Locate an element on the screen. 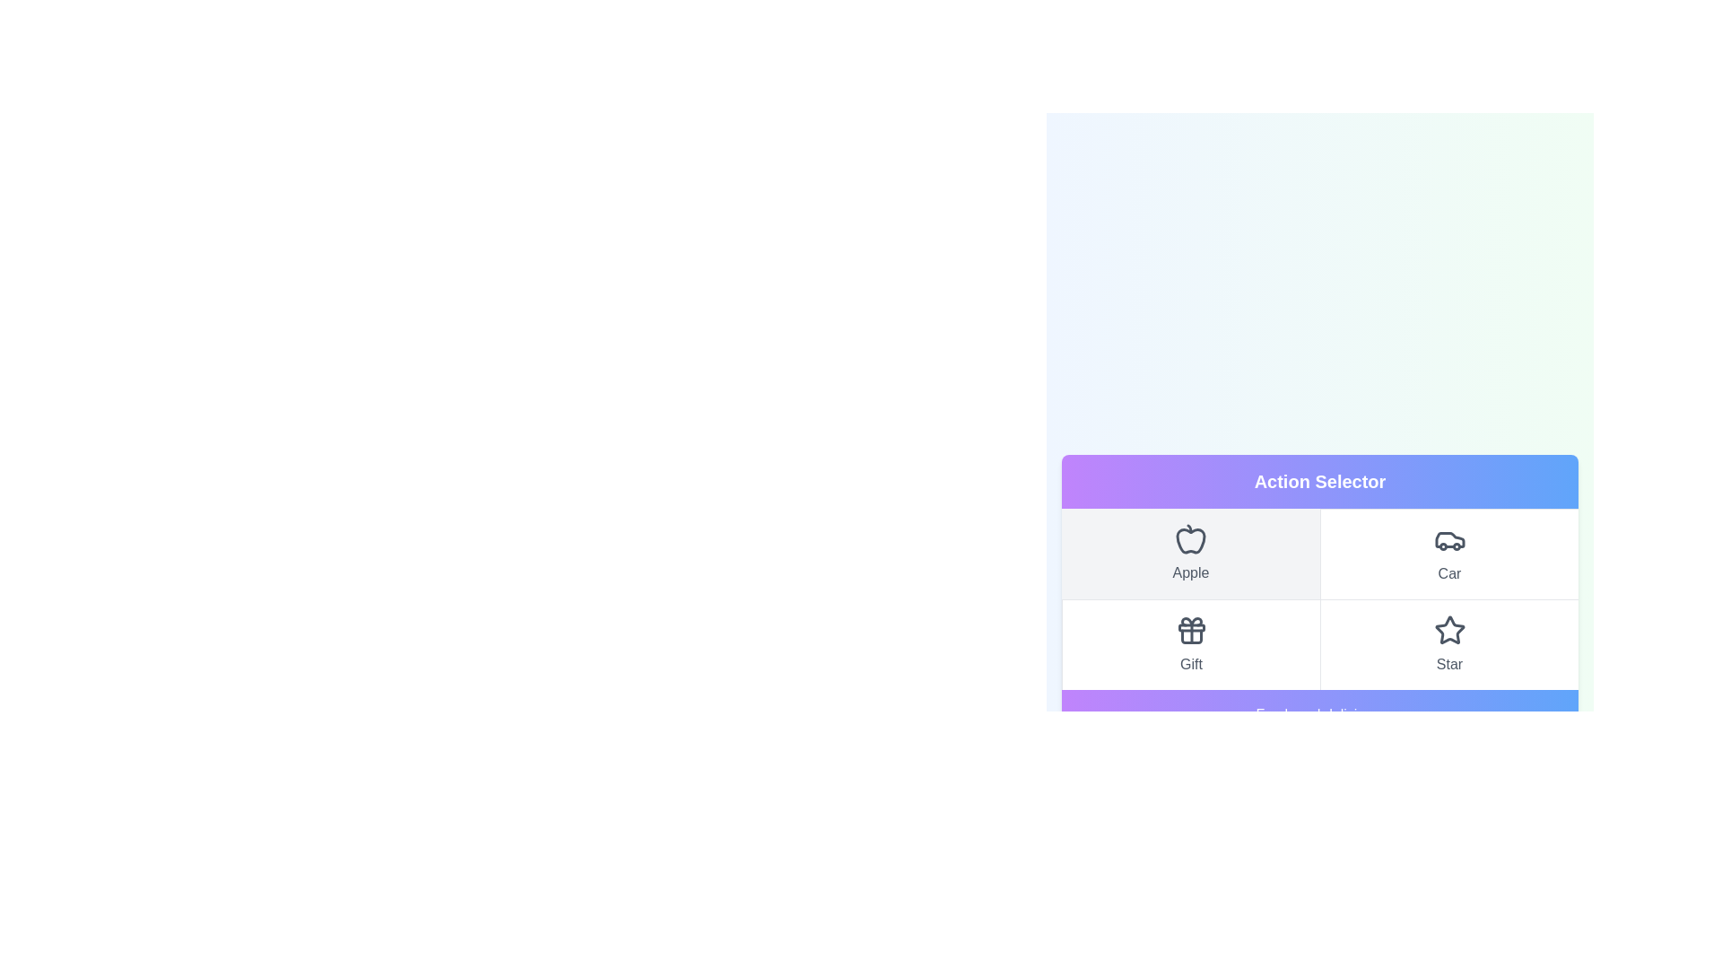  the apple-shaped icon located in the top-left grid cell under the 'Action Selector' heading is located at coordinates (1191, 539).